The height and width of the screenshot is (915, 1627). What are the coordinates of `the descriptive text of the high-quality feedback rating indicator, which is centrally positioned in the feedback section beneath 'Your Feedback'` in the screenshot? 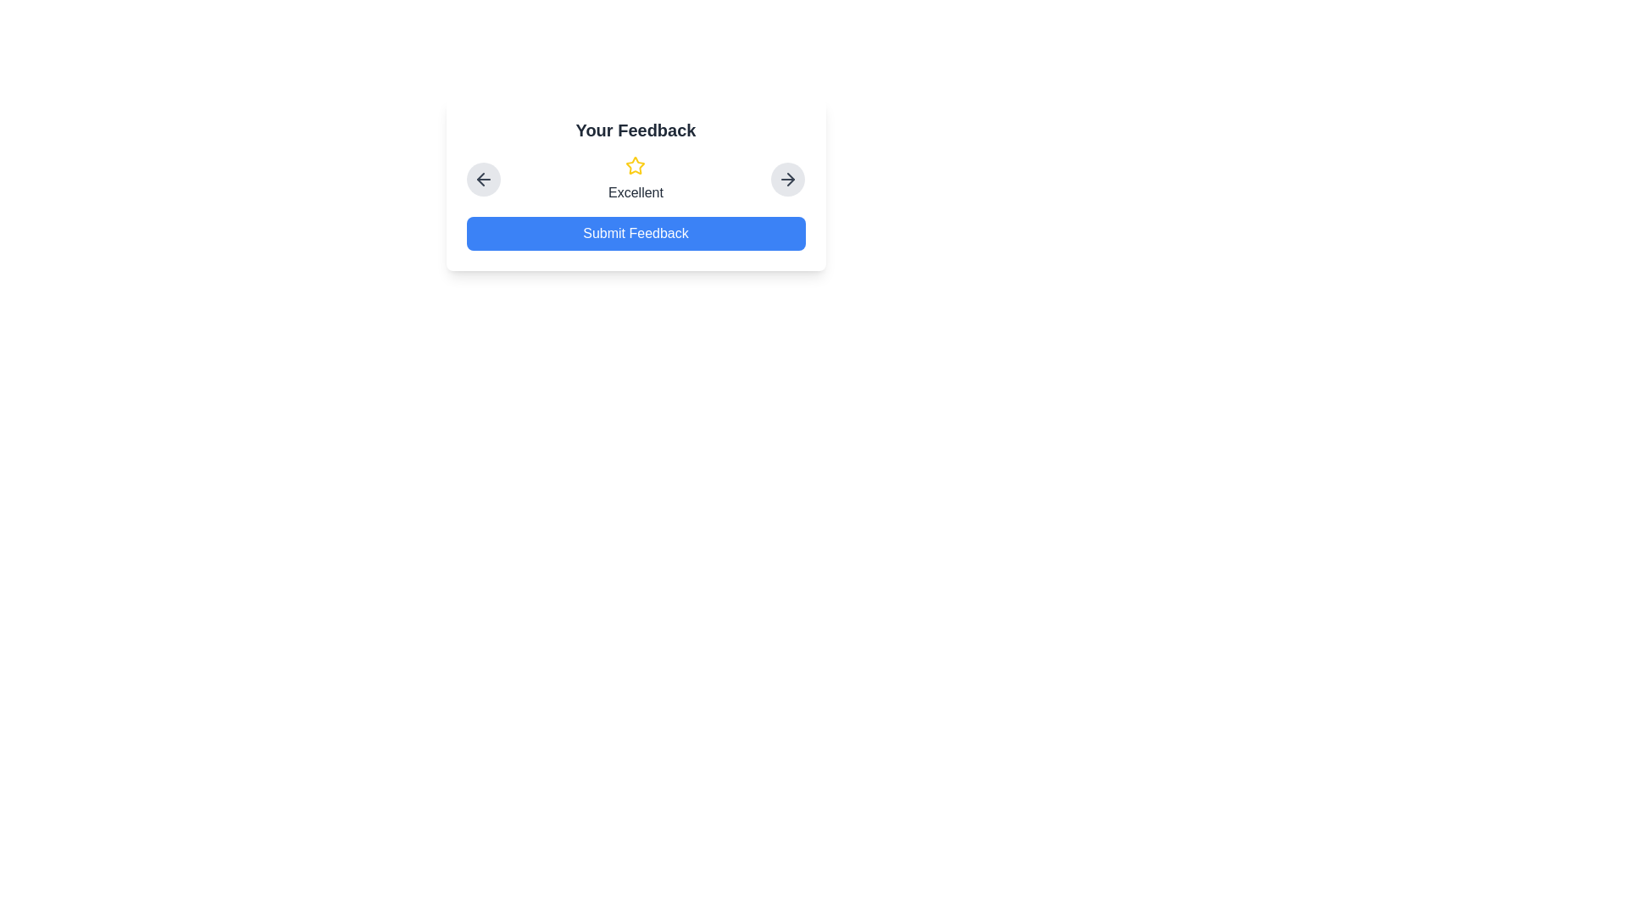 It's located at (635, 180).